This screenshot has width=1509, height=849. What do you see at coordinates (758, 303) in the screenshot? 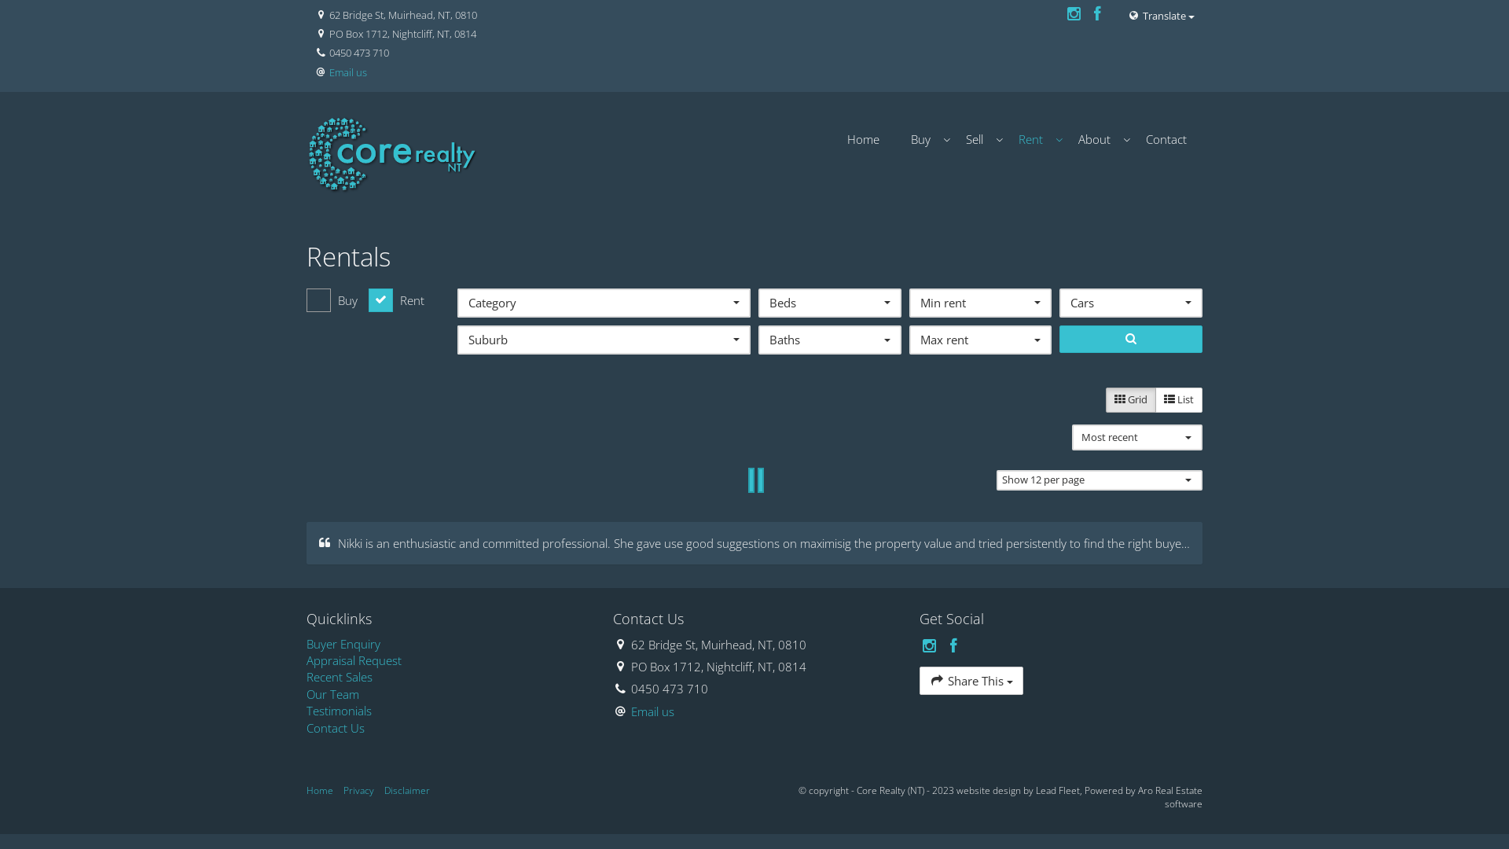
I see `'Beds` at bounding box center [758, 303].